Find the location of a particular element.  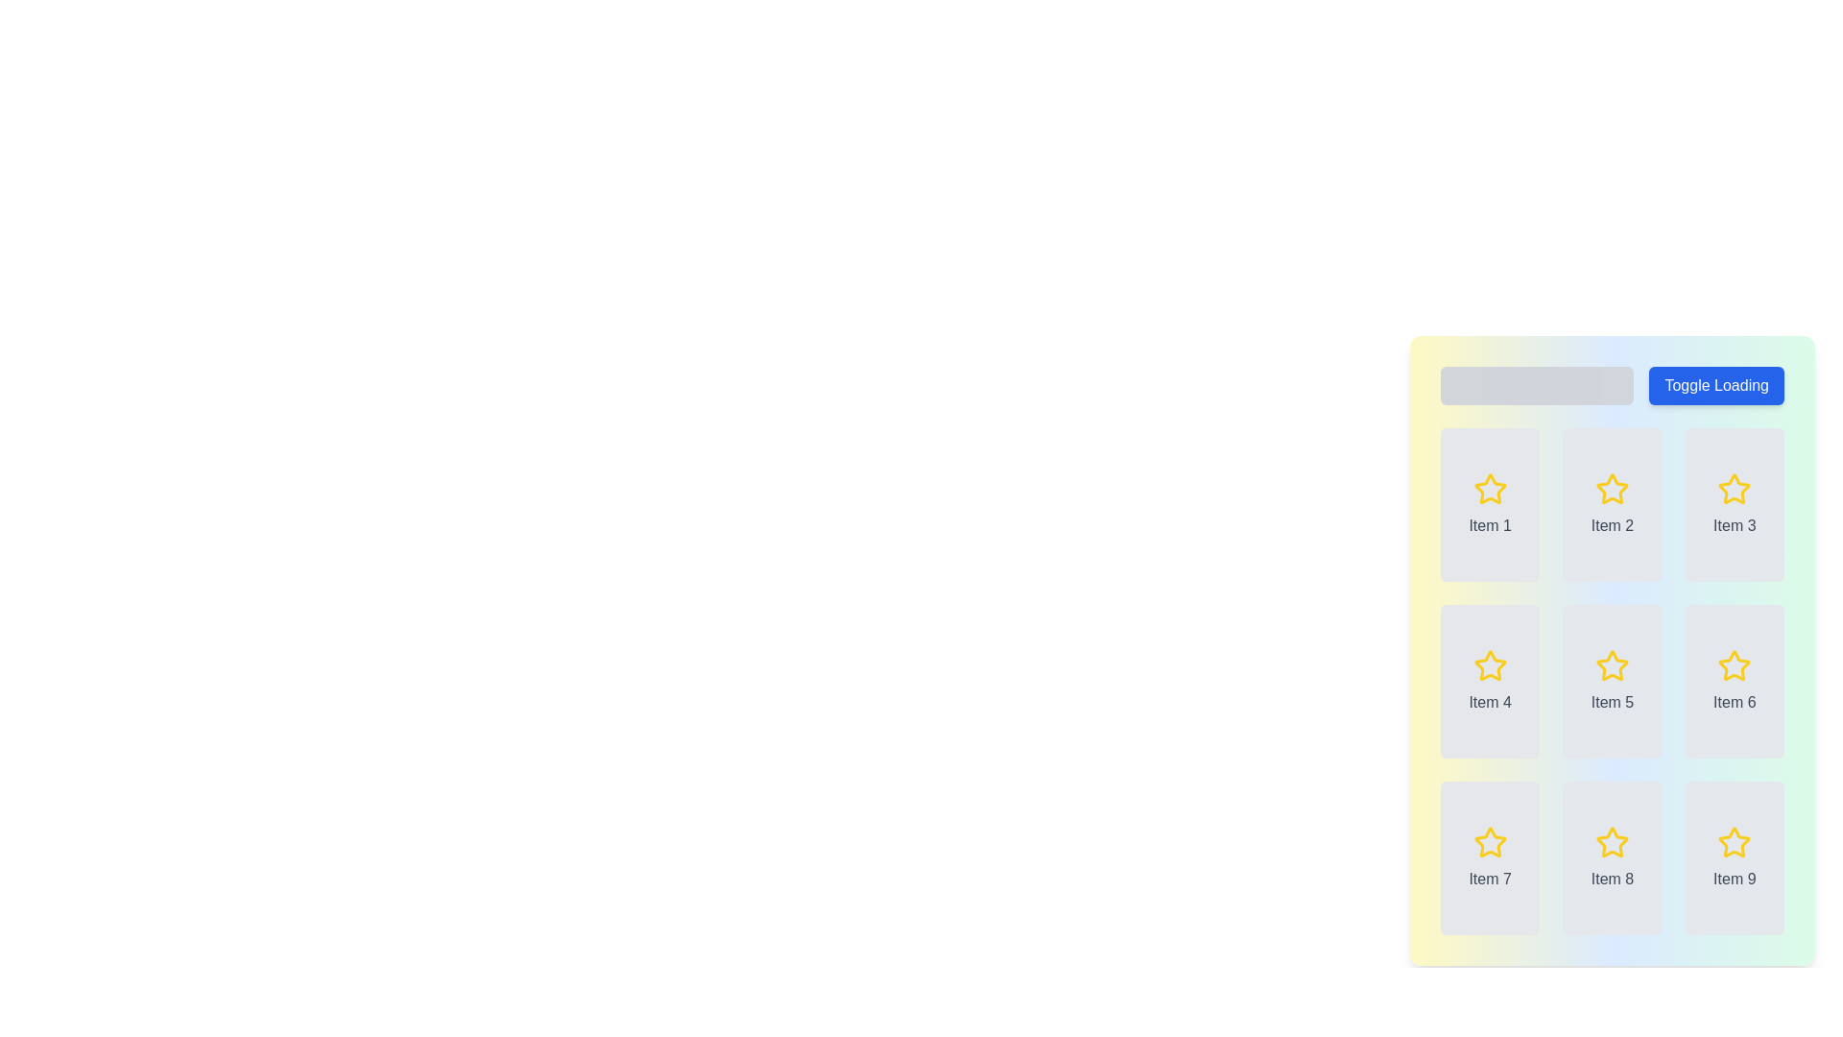

the star icon is located at coordinates (1735, 488).